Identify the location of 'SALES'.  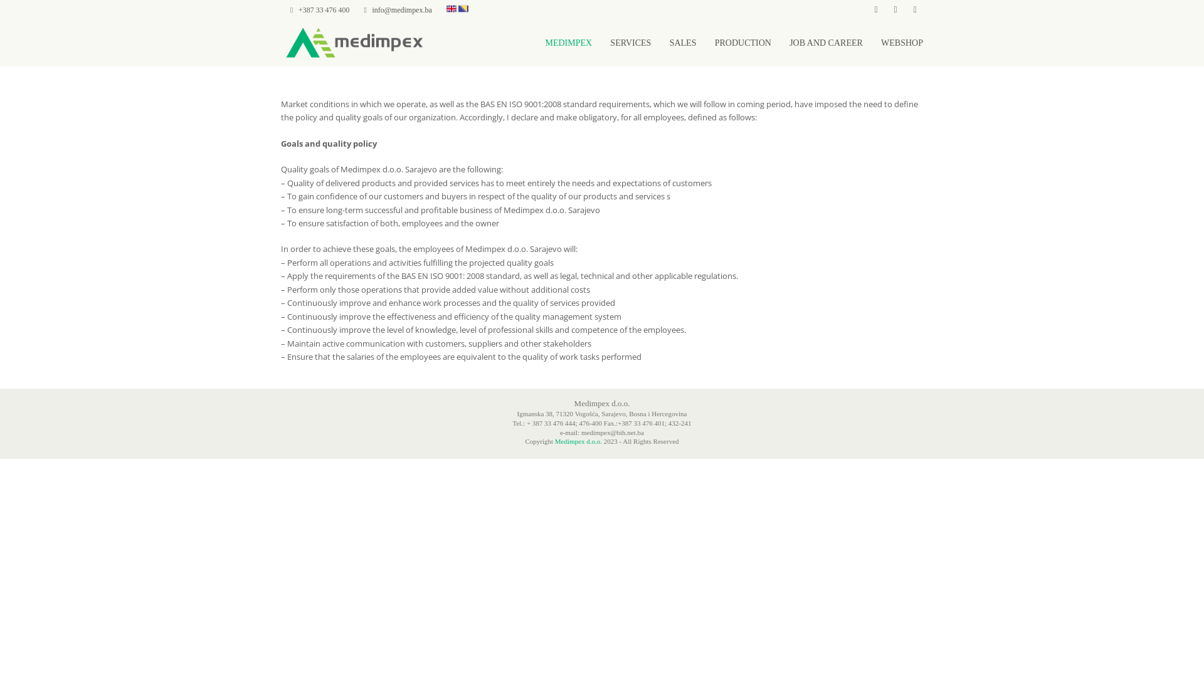
(682, 42).